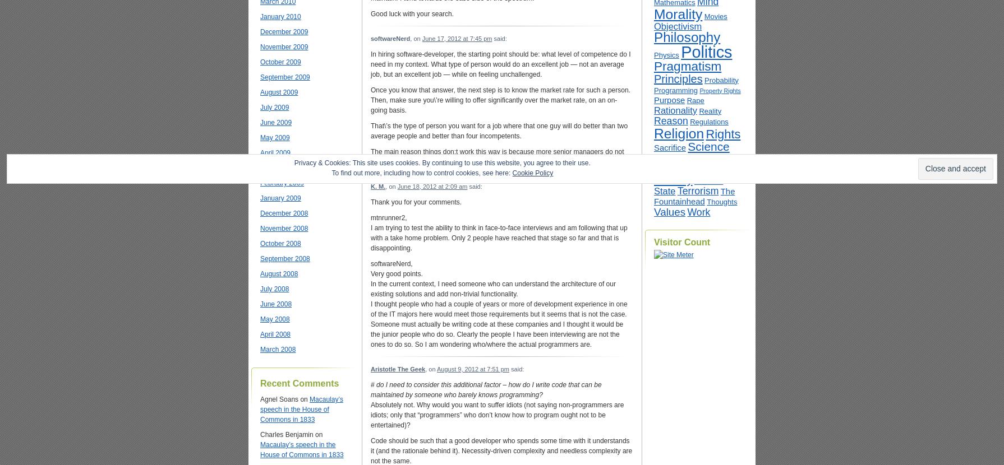  What do you see at coordinates (279, 16) in the screenshot?
I see `'January 2010'` at bounding box center [279, 16].